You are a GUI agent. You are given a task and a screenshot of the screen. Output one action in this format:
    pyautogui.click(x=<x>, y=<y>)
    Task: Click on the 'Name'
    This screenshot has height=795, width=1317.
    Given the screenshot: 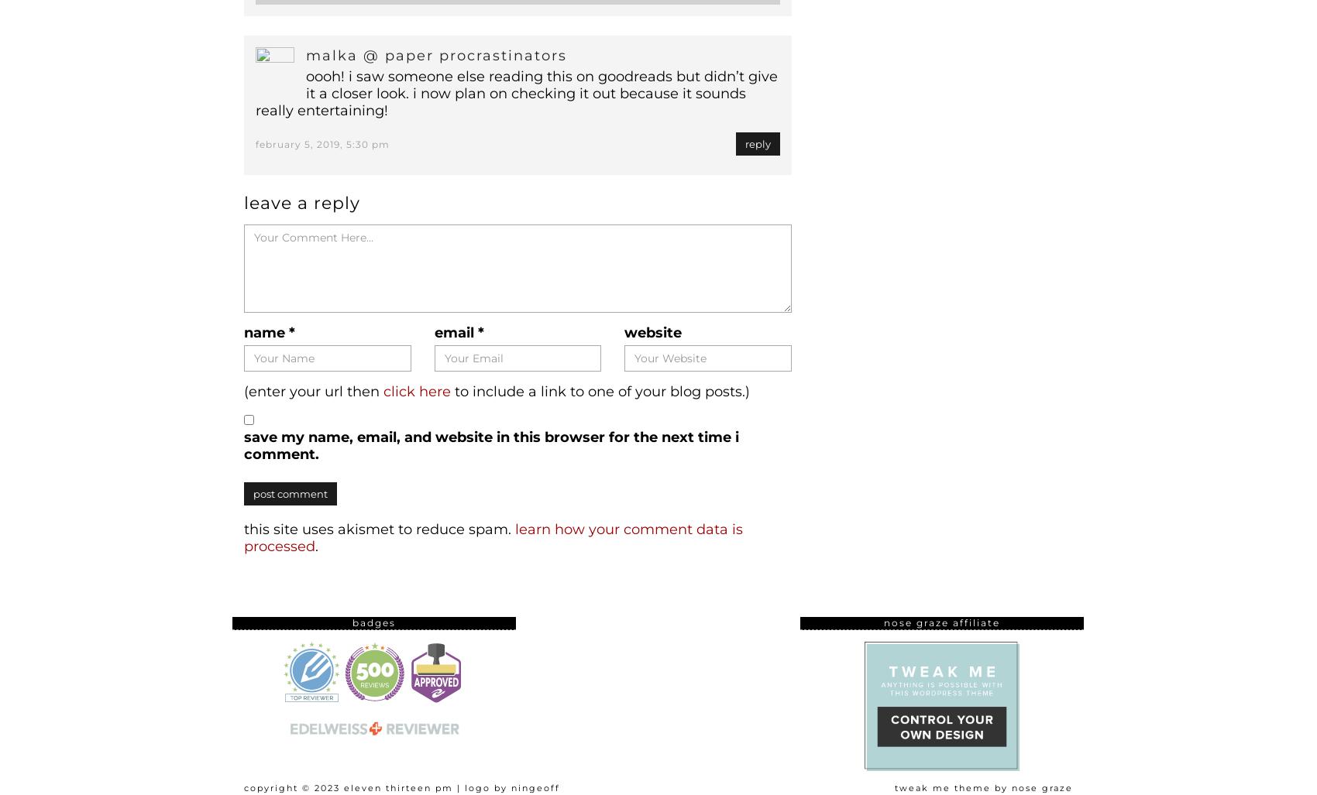 What is the action you would take?
    pyautogui.click(x=244, y=332)
    